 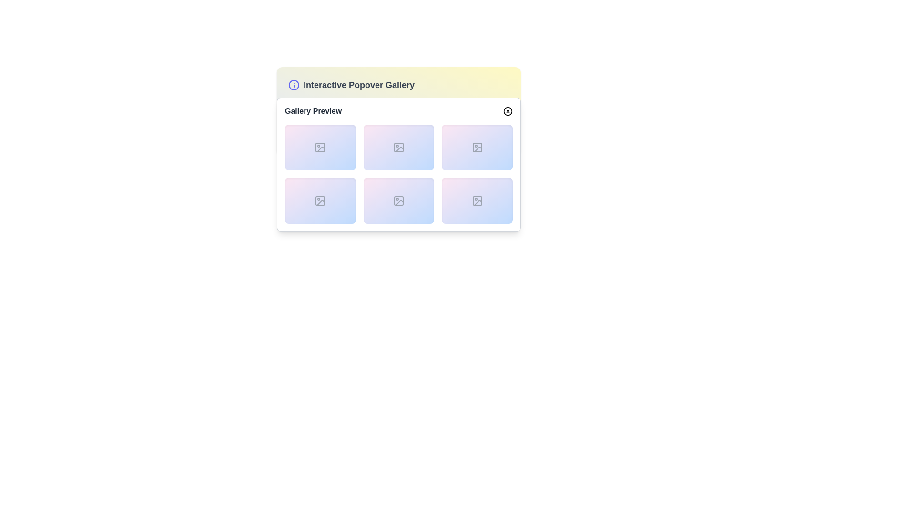 I want to click on the SVG icon representing a placeholder image element, which is styled in gray and located centrally within the second column of the second row of a grid layout, so click(x=320, y=200).